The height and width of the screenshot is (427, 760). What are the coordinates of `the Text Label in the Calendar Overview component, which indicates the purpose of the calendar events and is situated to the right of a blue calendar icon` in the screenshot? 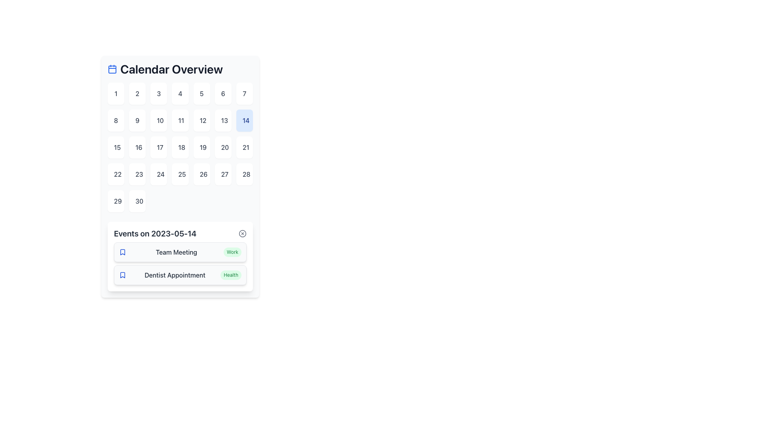 It's located at (171, 68).